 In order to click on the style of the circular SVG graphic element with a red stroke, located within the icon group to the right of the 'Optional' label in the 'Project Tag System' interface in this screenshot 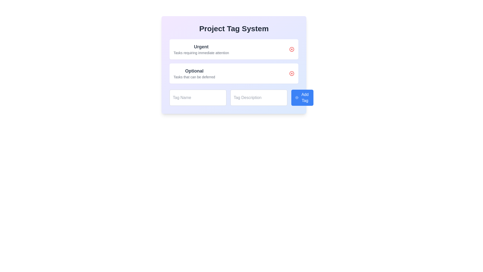, I will do `click(292, 74)`.